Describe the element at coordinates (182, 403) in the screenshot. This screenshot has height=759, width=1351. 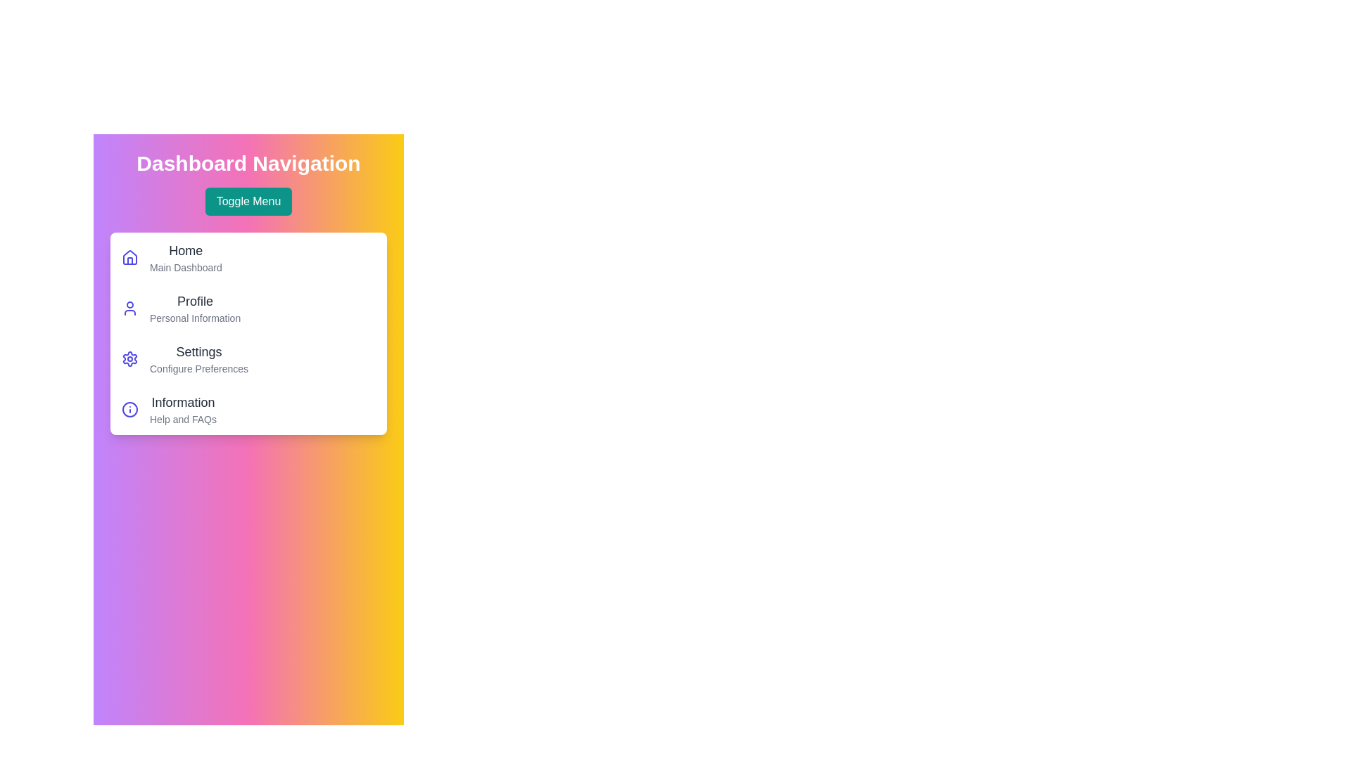
I see `the menu item labeled Information` at that location.